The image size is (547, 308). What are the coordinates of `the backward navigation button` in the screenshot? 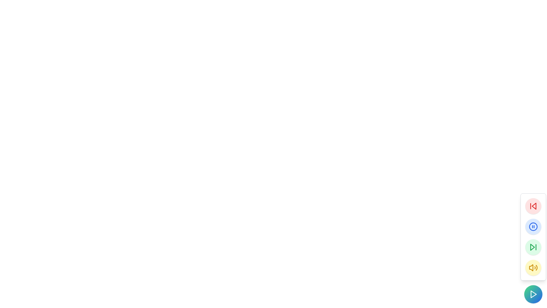 It's located at (533, 206).